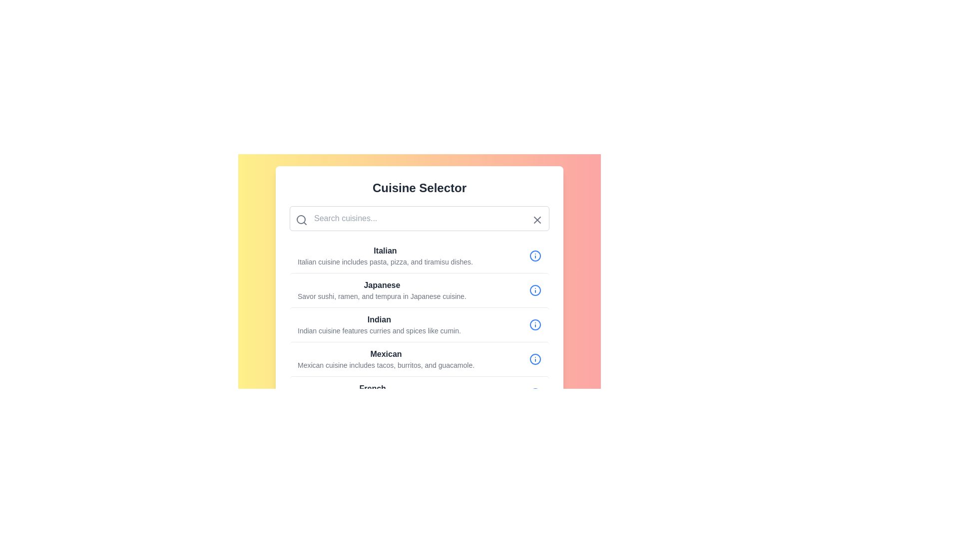 This screenshot has height=539, width=959. Describe the element at coordinates (534, 359) in the screenshot. I see `the information icon located to the right of the text 'Mexican'` at that location.